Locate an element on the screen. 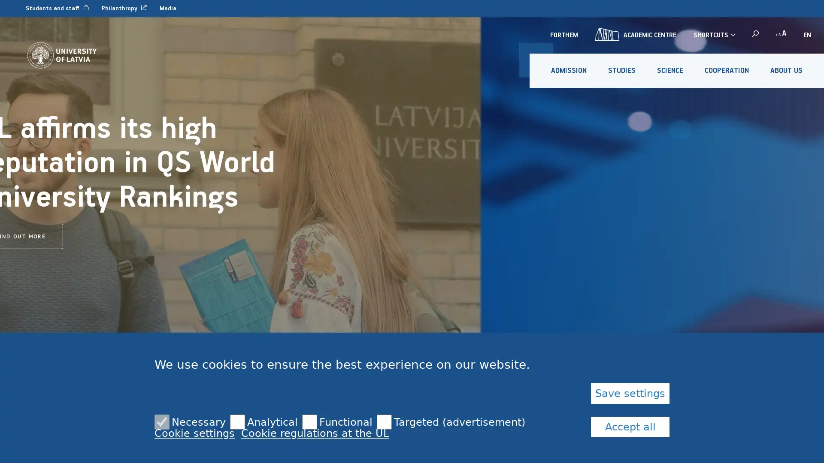 This screenshot has height=463, width=824. SHORTCUTS is located at coordinates (714, 34).